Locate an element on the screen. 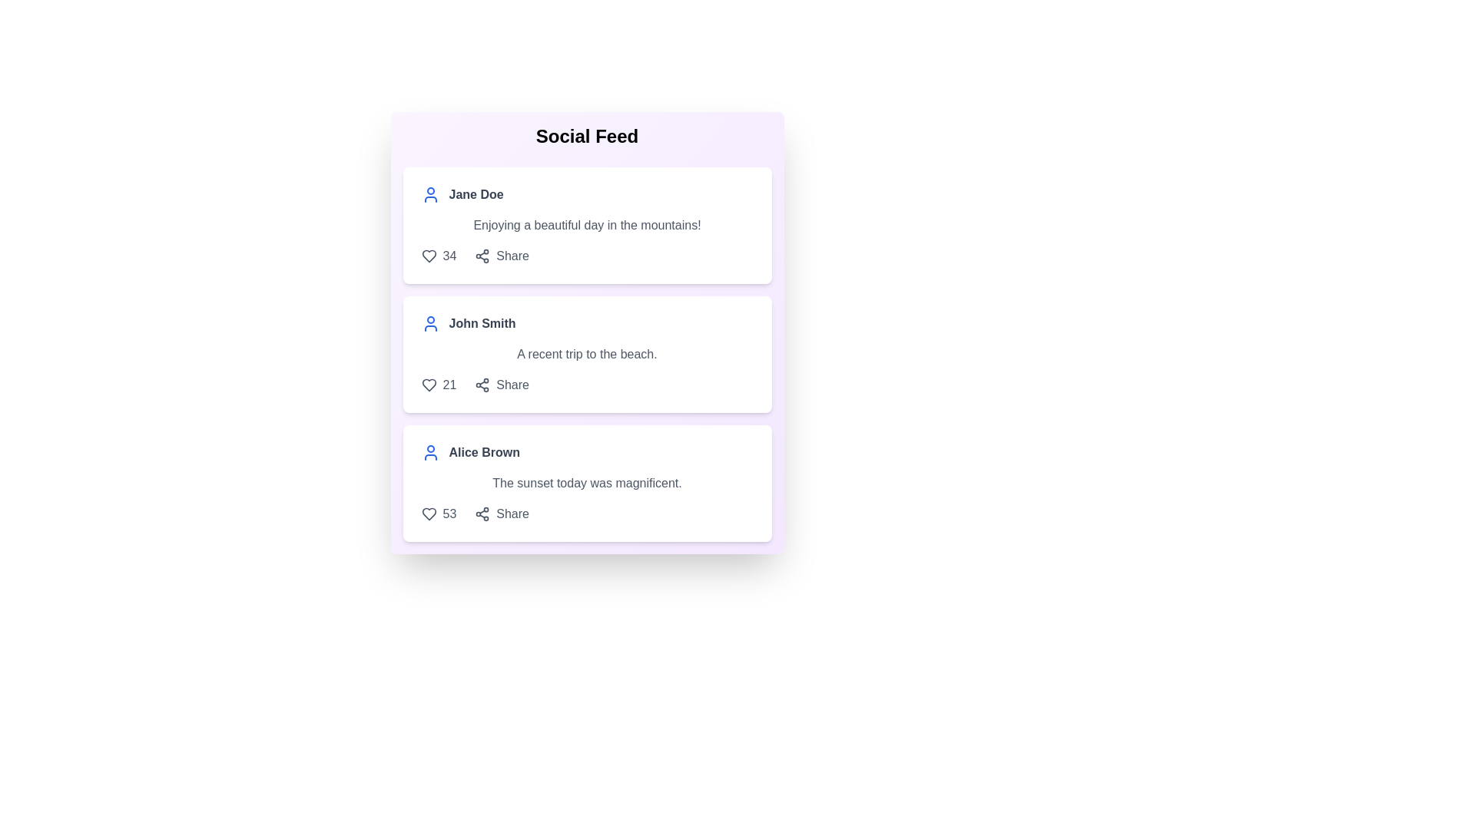 The height and width of the screenshot is (829, 1475). 'Like' button for the post by John Smith is located at coordinates (429, 384).